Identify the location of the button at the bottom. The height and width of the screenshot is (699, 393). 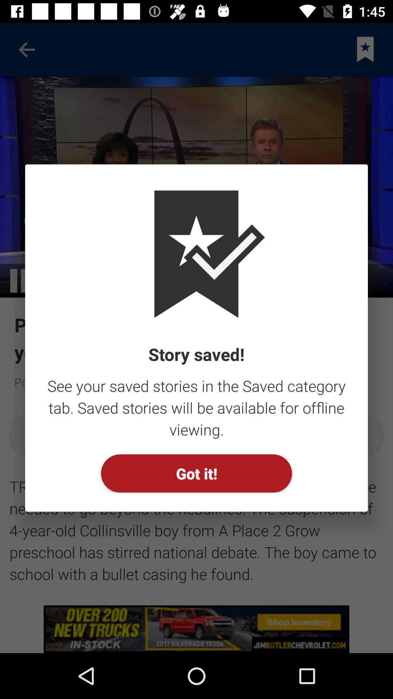
(196, 473).